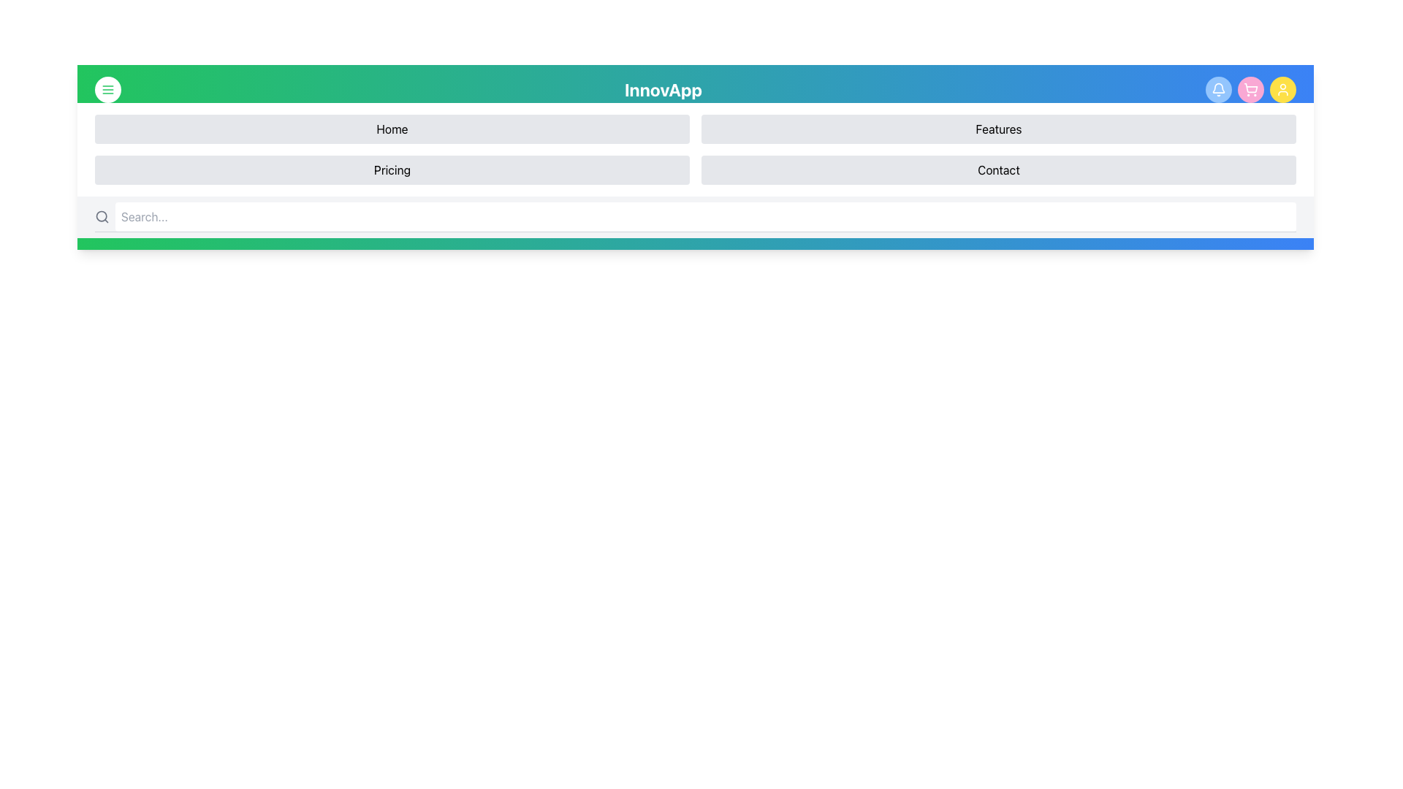 The height and width of the screenshot is (789, 1403). Describe the element at coordinates (1219, 90) in the screenshot. I see `the circular icon button with a light blue background and a bell icon in the top-right section of the user interface` at that location.